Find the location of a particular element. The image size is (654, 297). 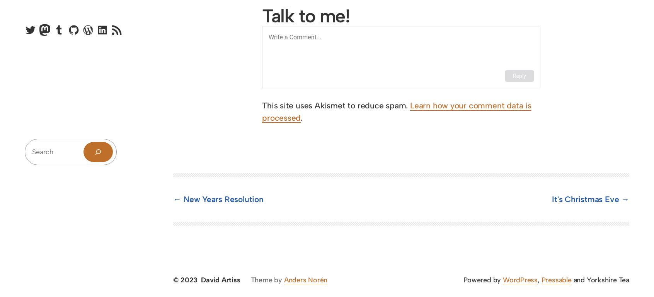

'It's Christmas Eve' is located at coordinates (552, 199).